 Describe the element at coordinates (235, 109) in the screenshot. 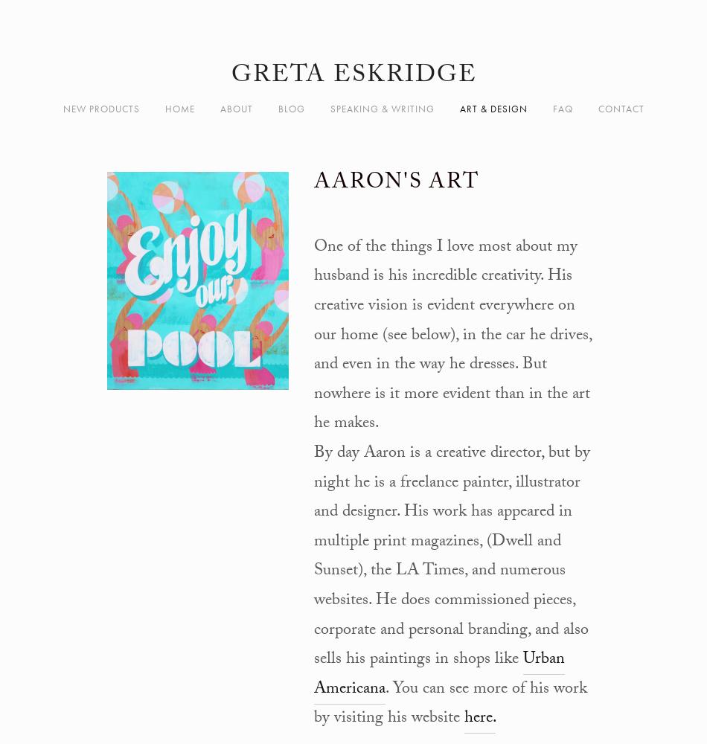

I see `'About'` at that location.